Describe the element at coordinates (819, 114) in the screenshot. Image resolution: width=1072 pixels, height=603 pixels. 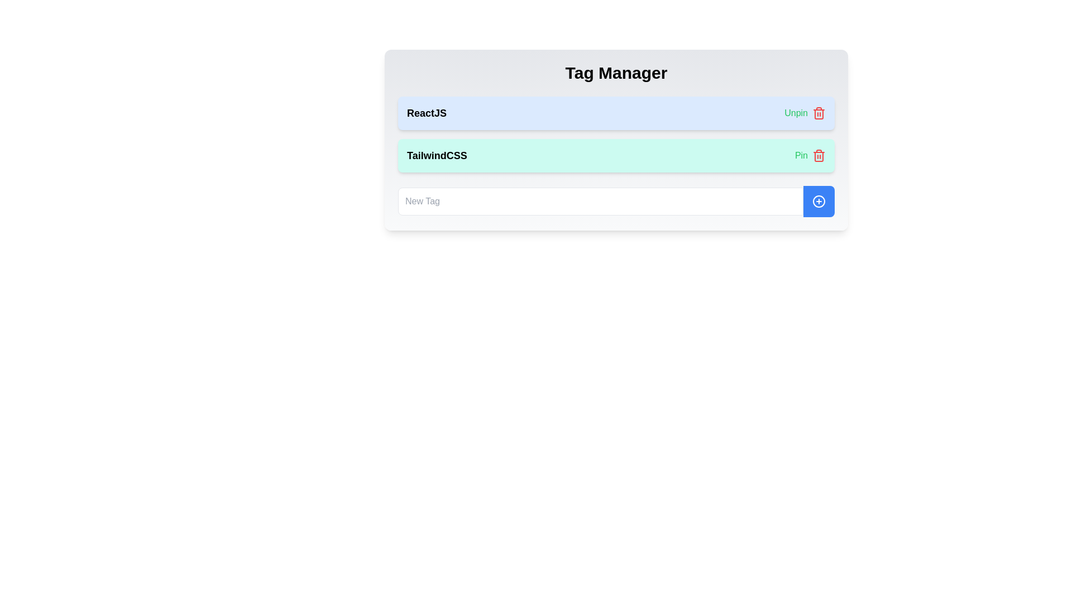
I see `the bottom-right corner of the trash bin icon, which is part of the outlined vector graphic component associated with the 'ReactJS' label` at that location.